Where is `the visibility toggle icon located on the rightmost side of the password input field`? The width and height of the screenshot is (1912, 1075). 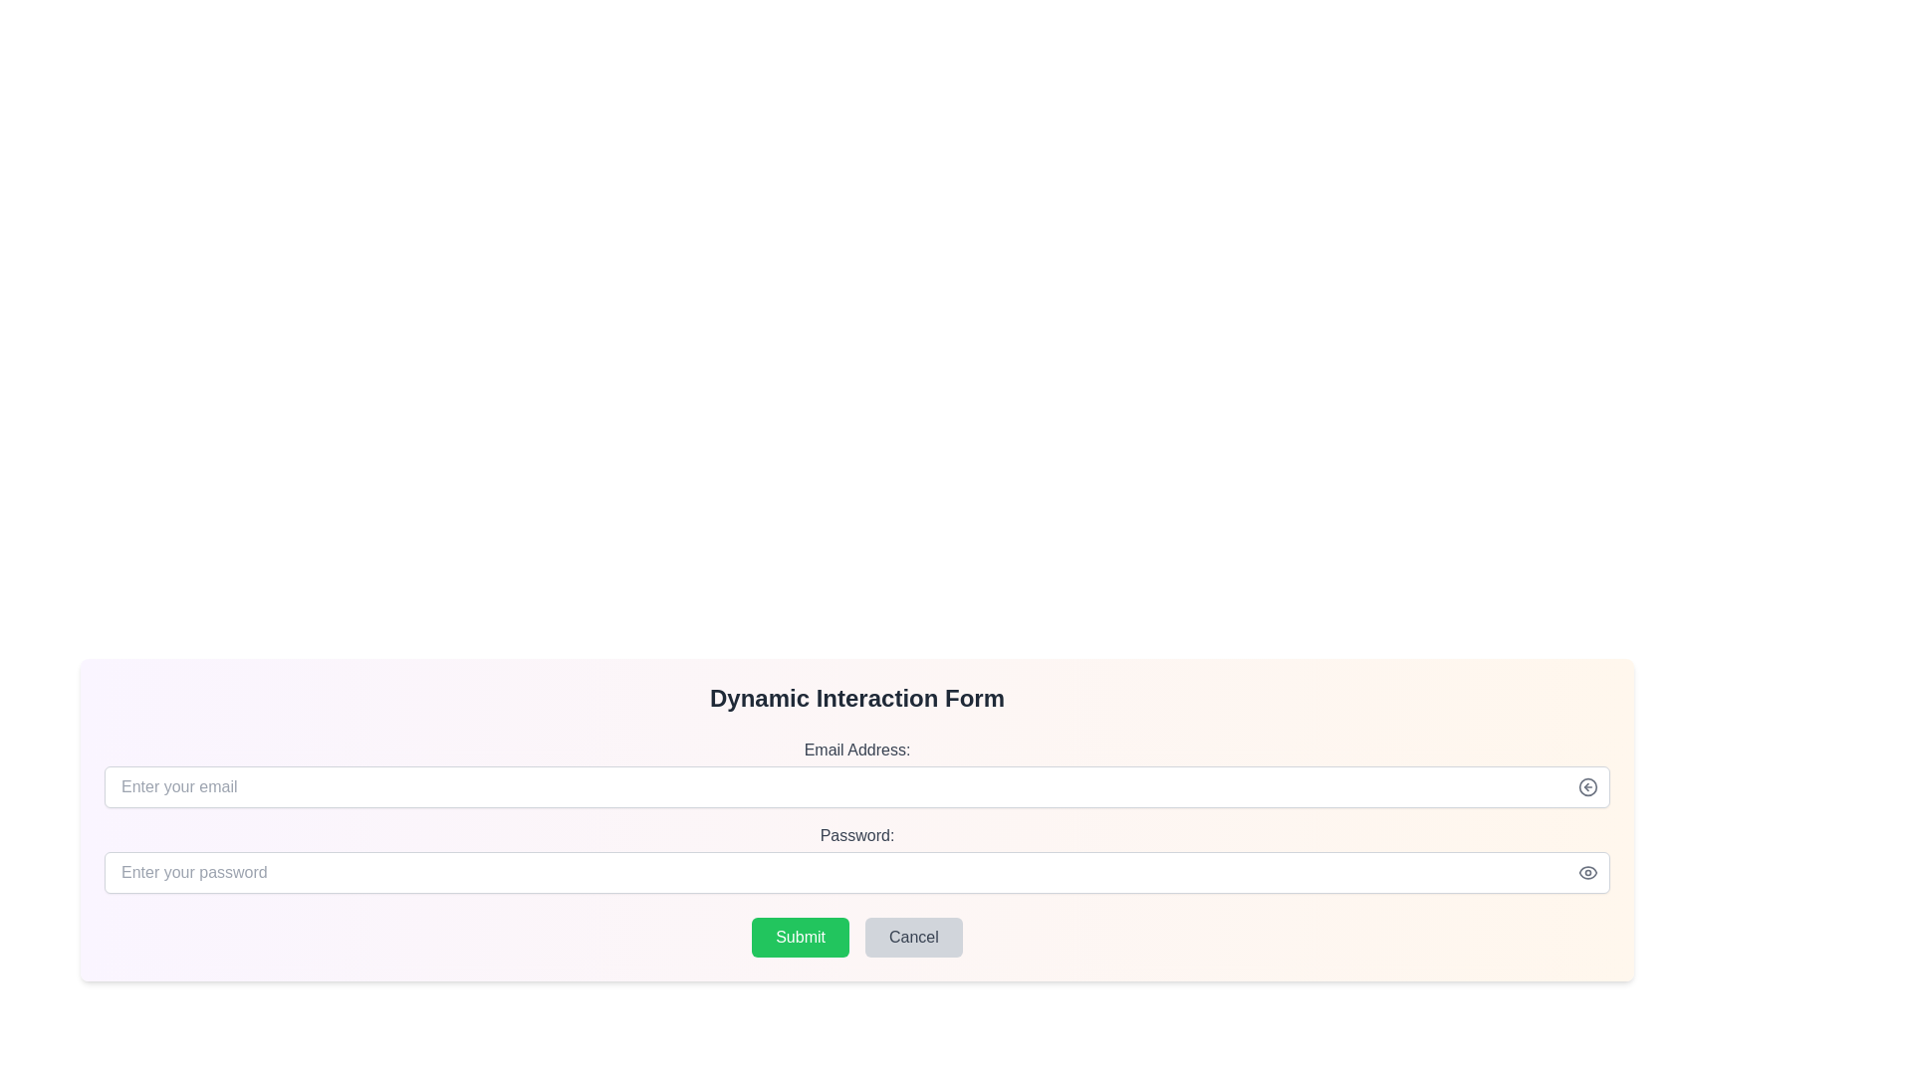
the visibility toggle icon located on the rightmost side of the password input field is located at coordinates (1586, 871).